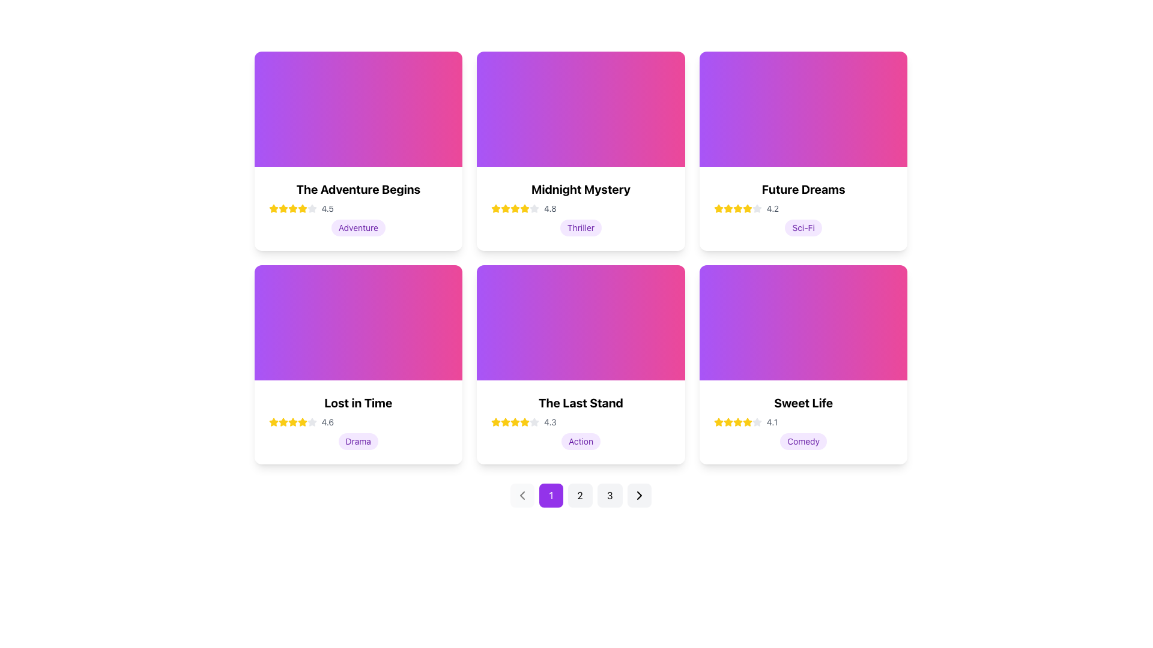 Image resolution: width=1153 pixels, height=648 pixels. I want to click on the first star icon in the rating display for the 'Midnight Mystery' card, so click(496, 208).